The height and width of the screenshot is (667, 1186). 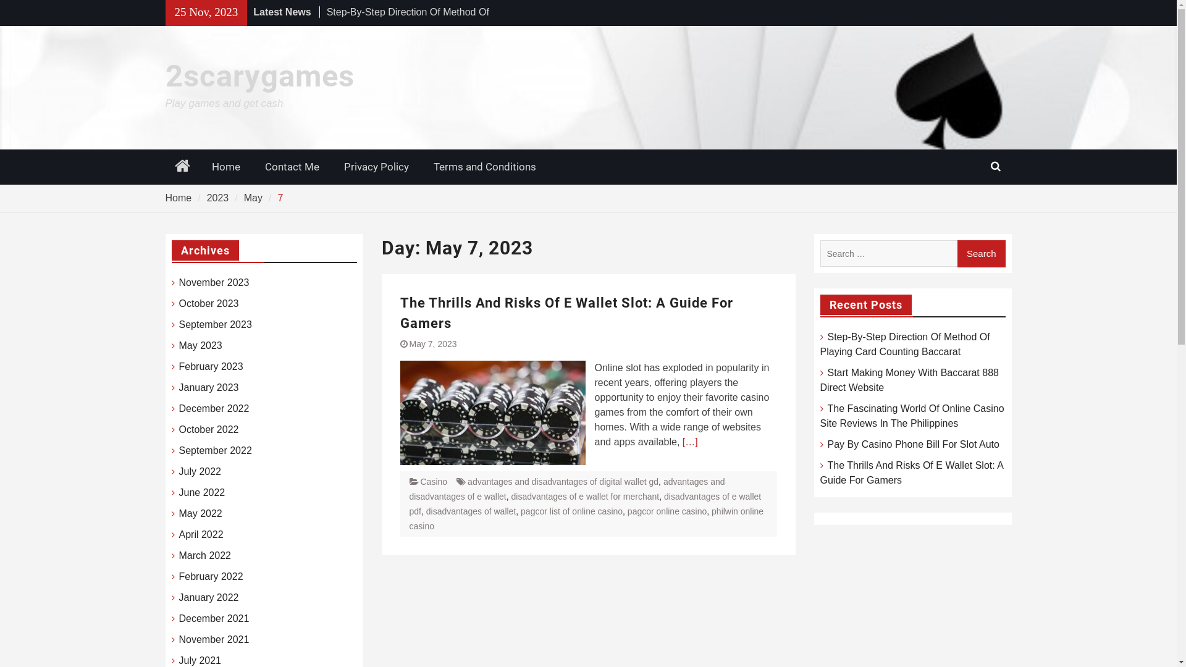 I want to click on 'September 2023', so click(x=216, y=324).